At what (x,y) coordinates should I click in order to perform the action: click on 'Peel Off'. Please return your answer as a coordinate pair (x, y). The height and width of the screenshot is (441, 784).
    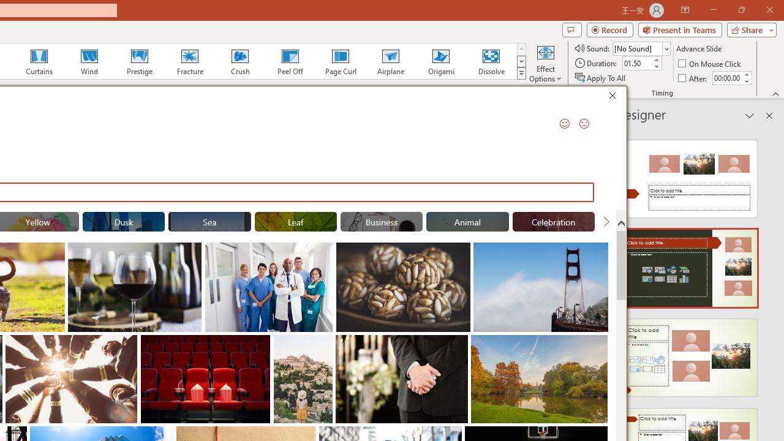
    Looking at the image, I should click on (289, 61).